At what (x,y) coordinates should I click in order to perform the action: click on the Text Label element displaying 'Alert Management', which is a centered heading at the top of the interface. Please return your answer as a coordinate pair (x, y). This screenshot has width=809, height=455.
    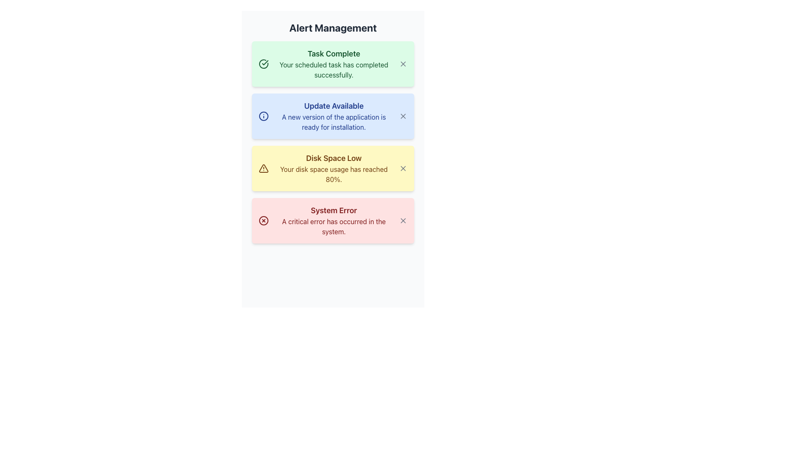
    Looking at the image, I should click on (332, 27).